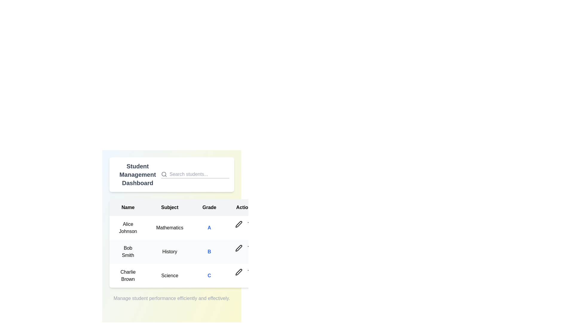 The height and width of the screenshot is (323, 574). I want to click on the edit icon in the 'Action' column of the second row for 'Bob Smith', so click(239, 248).